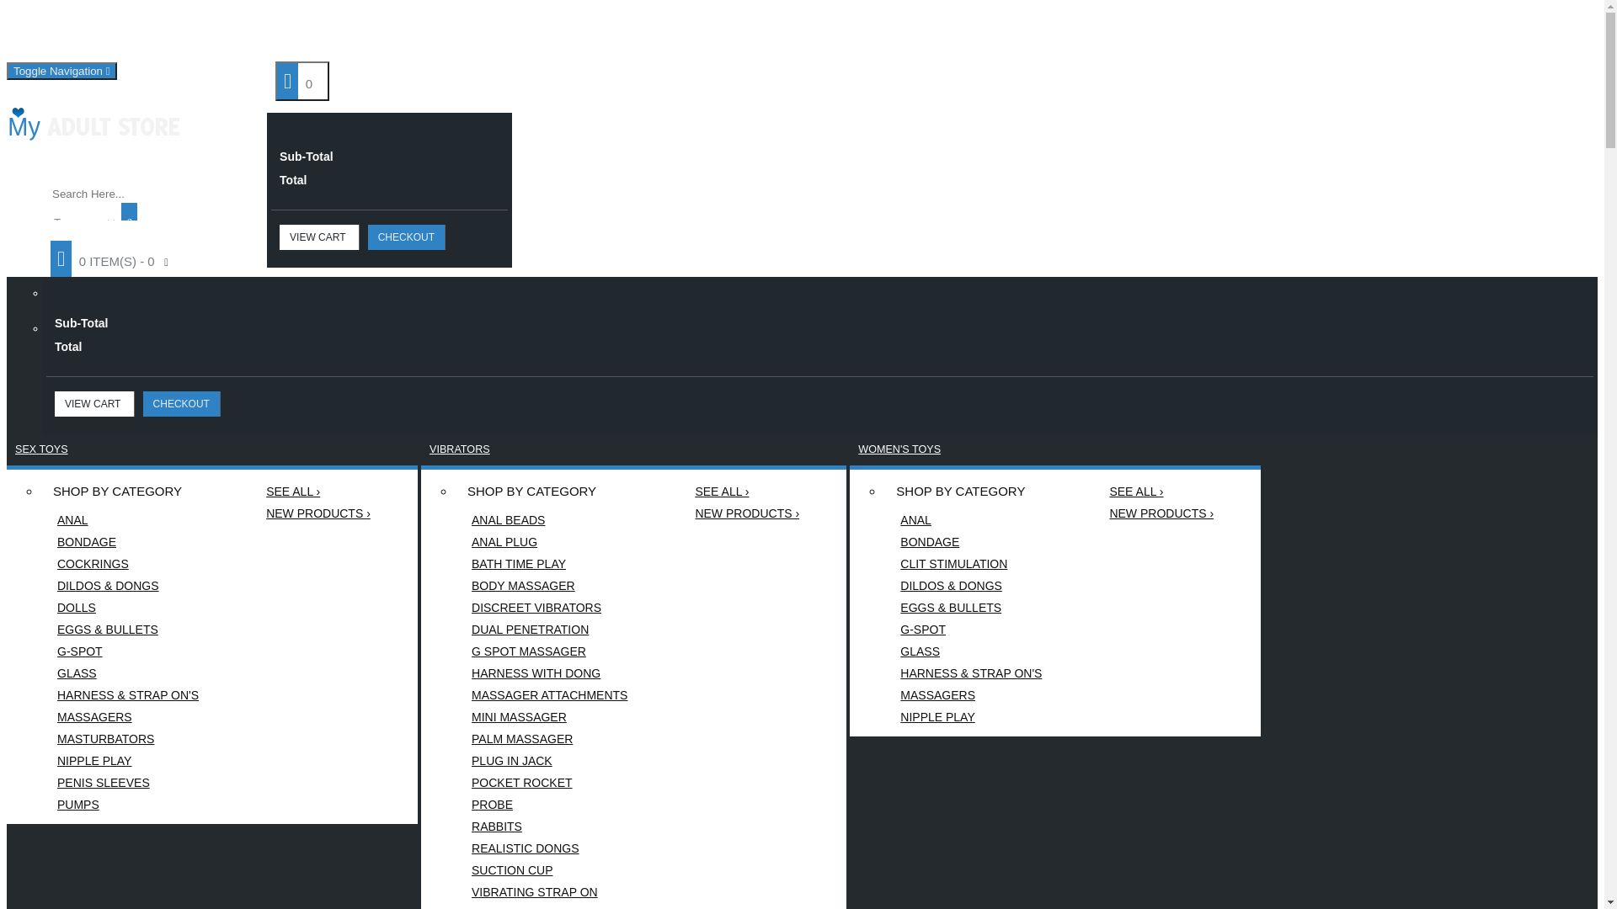 This screenshot has height=909, width=1617. What do you see at coordinates (127, 564) in the screenshot?
I see `'COCKRINGS'` at bounding box center [127, 564].